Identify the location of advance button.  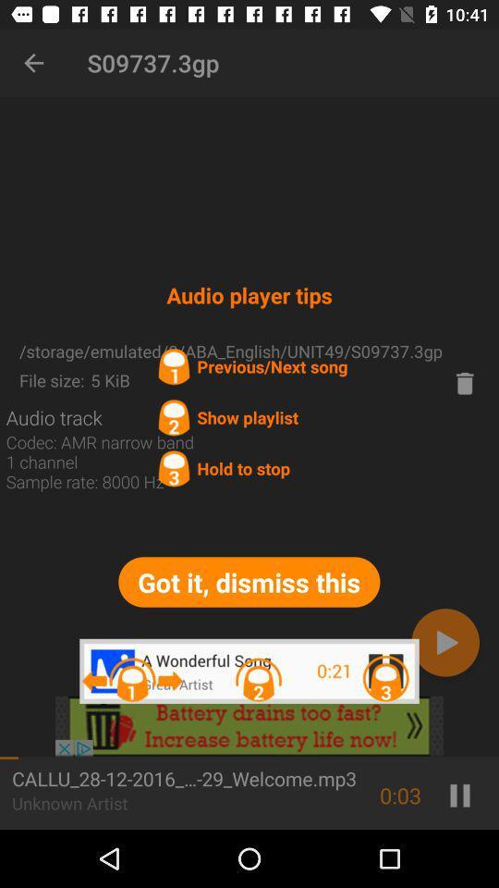
(444, 642).